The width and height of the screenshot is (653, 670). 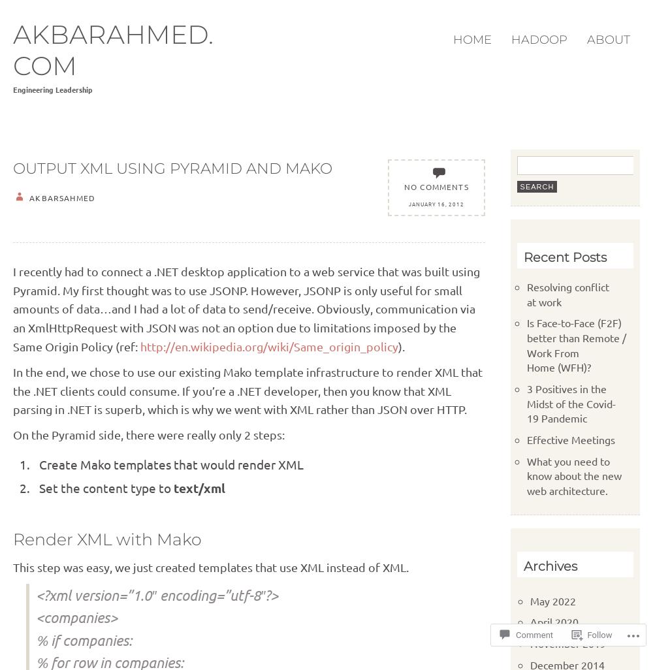 I want to click on 'Is Face-to-Face (F2F) better than Remote / Work From Home (WFH)?', so click(x=576, y=344).